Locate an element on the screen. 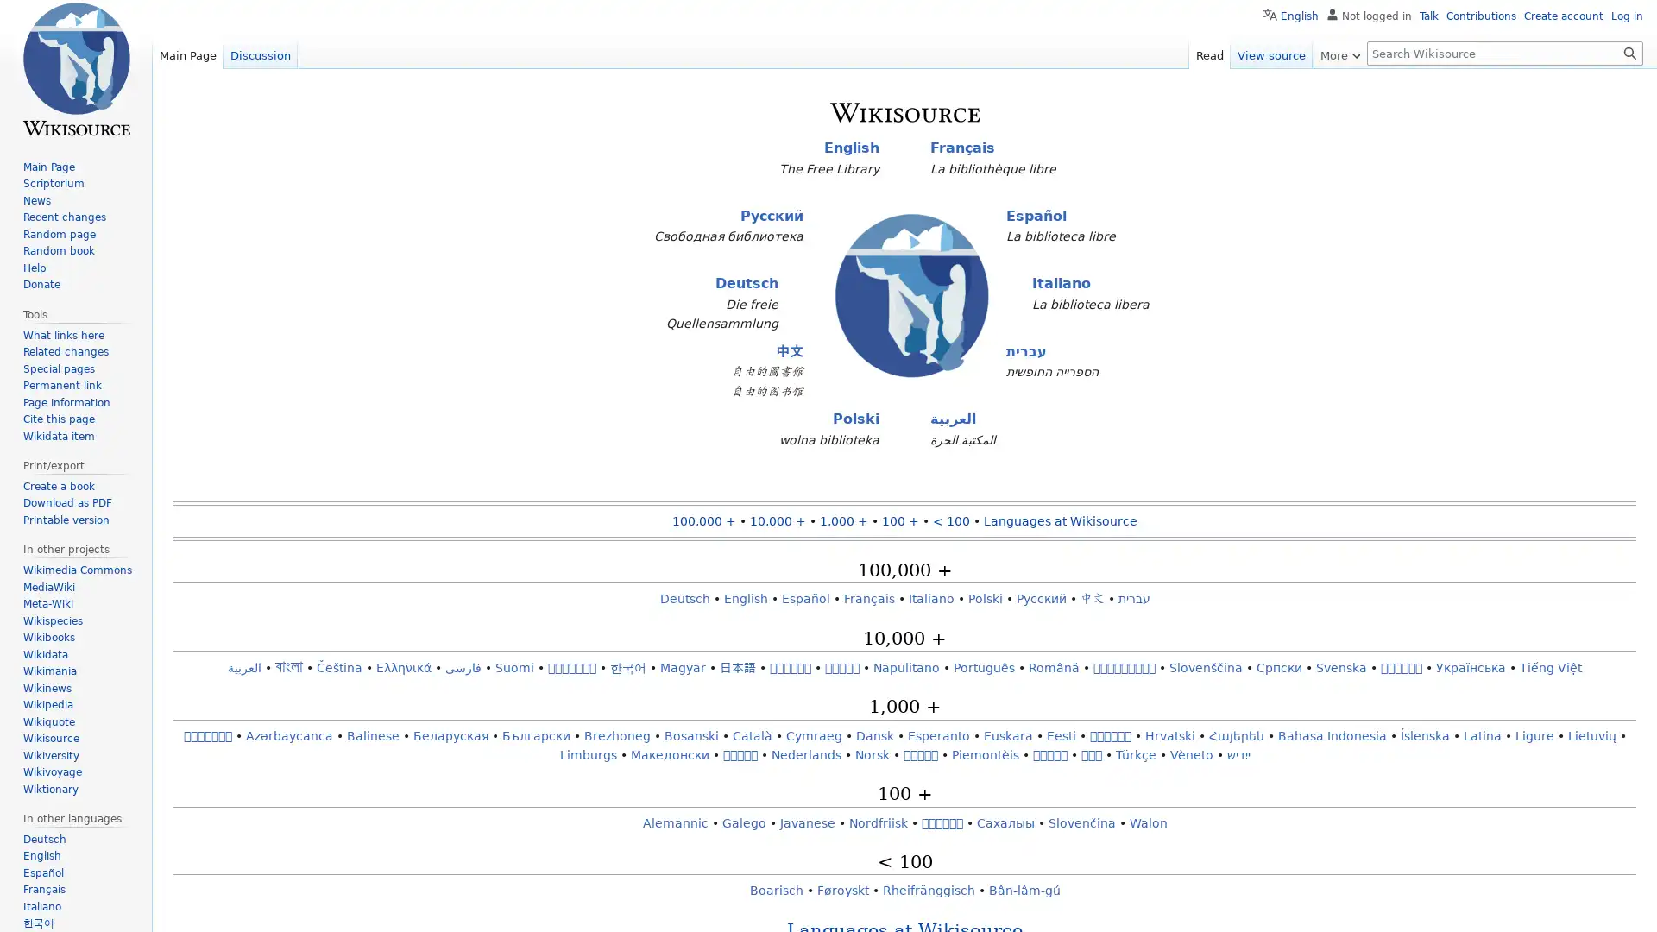 The image size is (1657, 932). Go is located at coordinates (1629, 52).